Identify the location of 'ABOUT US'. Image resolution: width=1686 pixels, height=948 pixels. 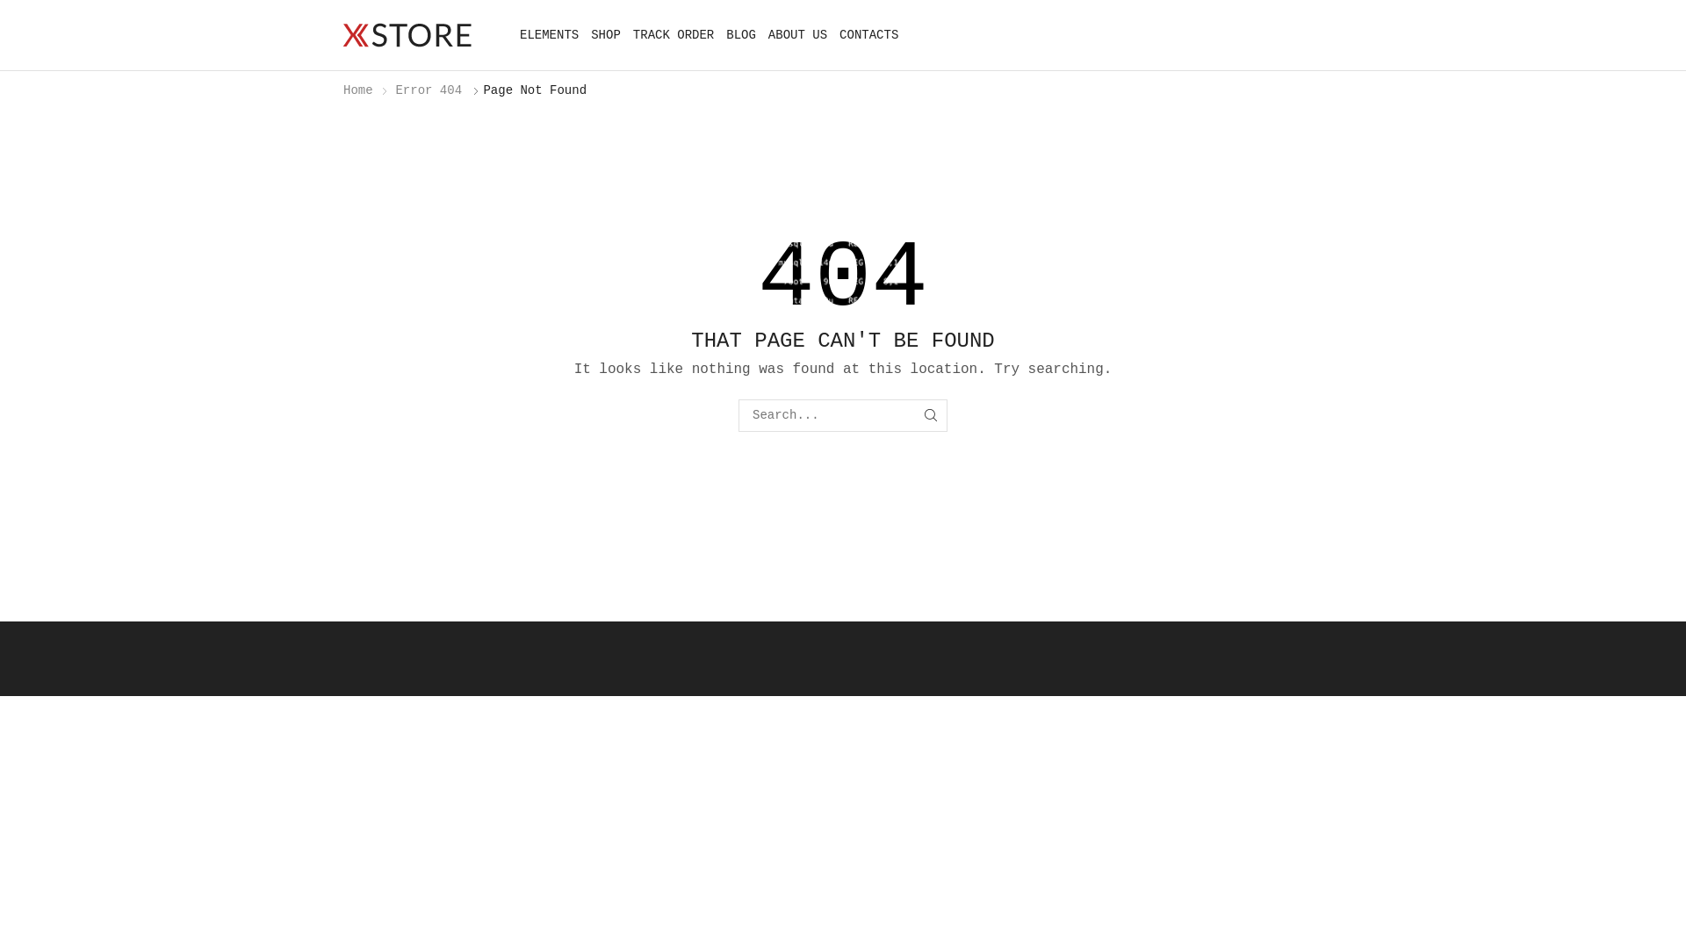
(796, 34).